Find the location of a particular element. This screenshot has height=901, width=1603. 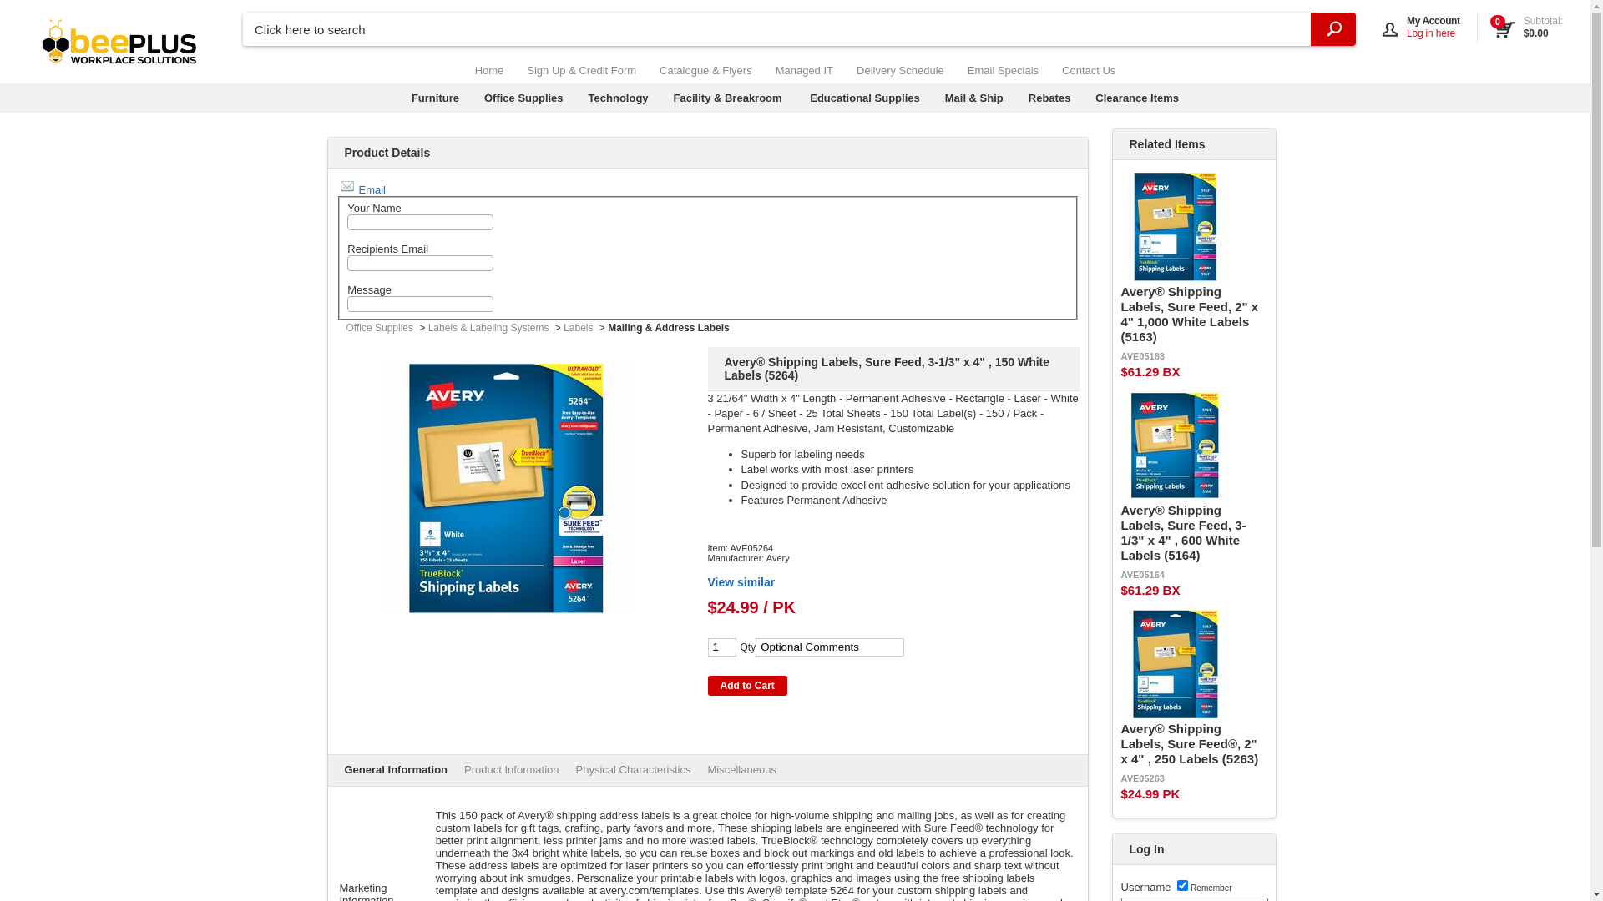

'Mailing & Address Labels' is located at coordinates (670, 328).